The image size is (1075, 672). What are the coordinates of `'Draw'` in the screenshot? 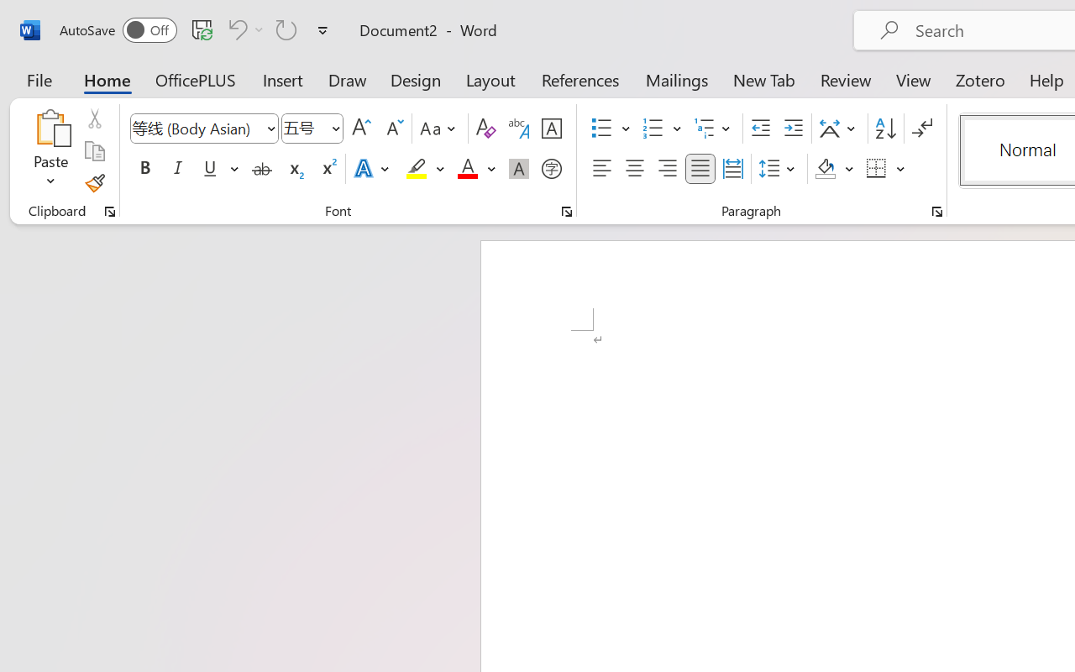 It's located at (347, 79).